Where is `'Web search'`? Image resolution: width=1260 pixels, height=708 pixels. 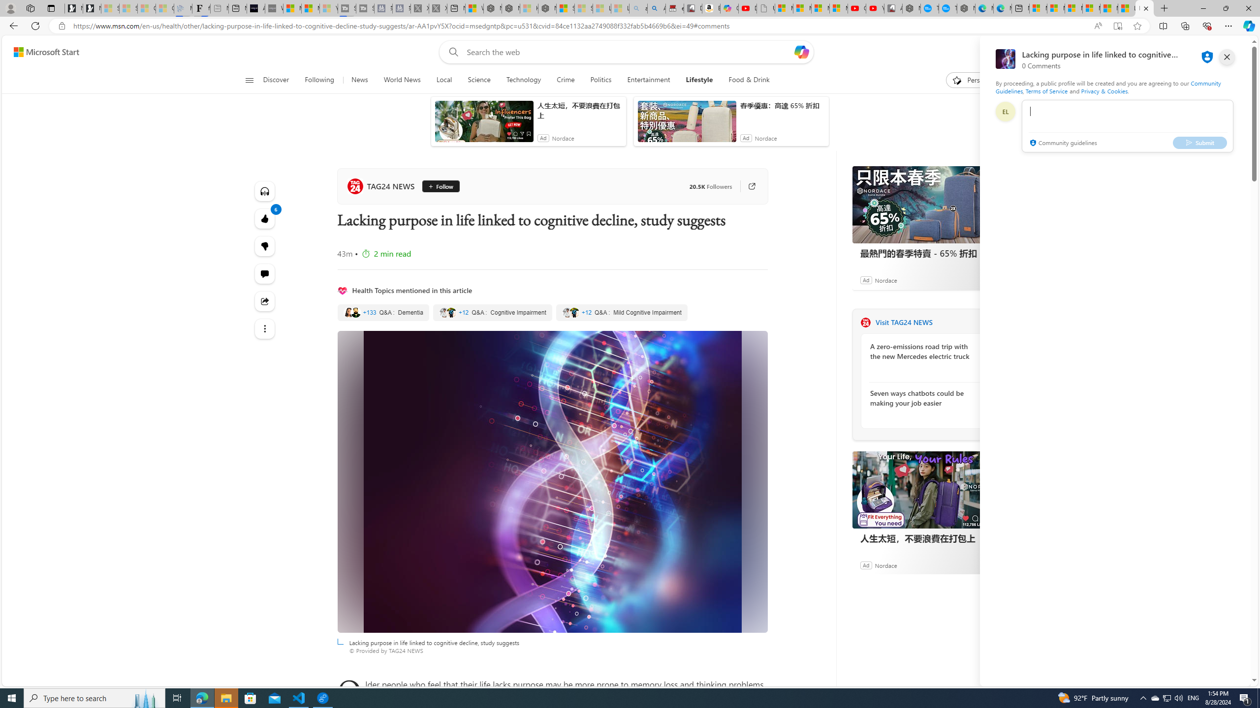
'Web search' is located at coordinates (451, 52).